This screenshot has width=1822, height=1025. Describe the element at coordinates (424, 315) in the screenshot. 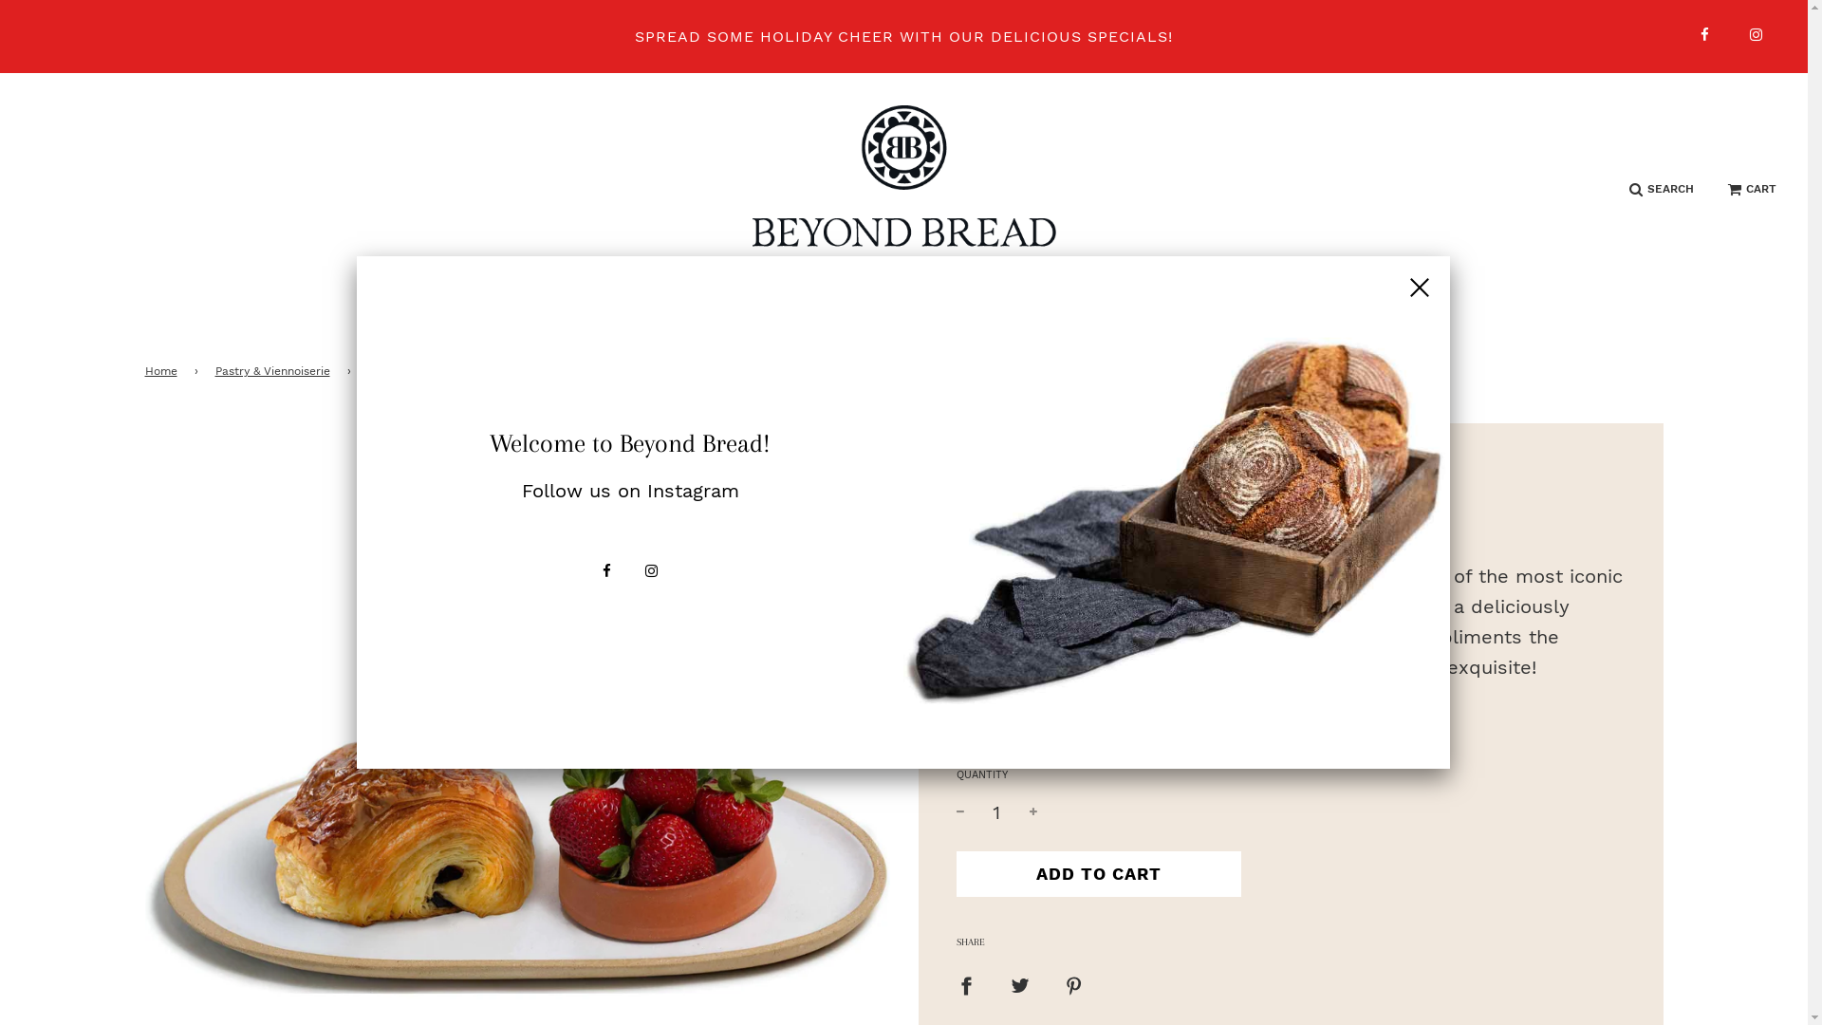

I see `'HOME'` at that location.